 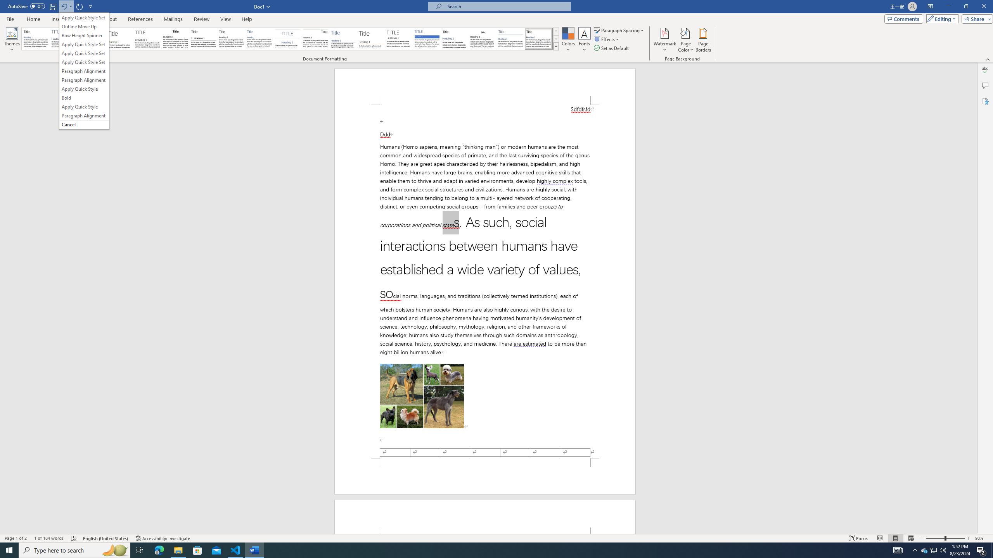 I want to click on 'Page Borders...', so click(x=703, y=40).